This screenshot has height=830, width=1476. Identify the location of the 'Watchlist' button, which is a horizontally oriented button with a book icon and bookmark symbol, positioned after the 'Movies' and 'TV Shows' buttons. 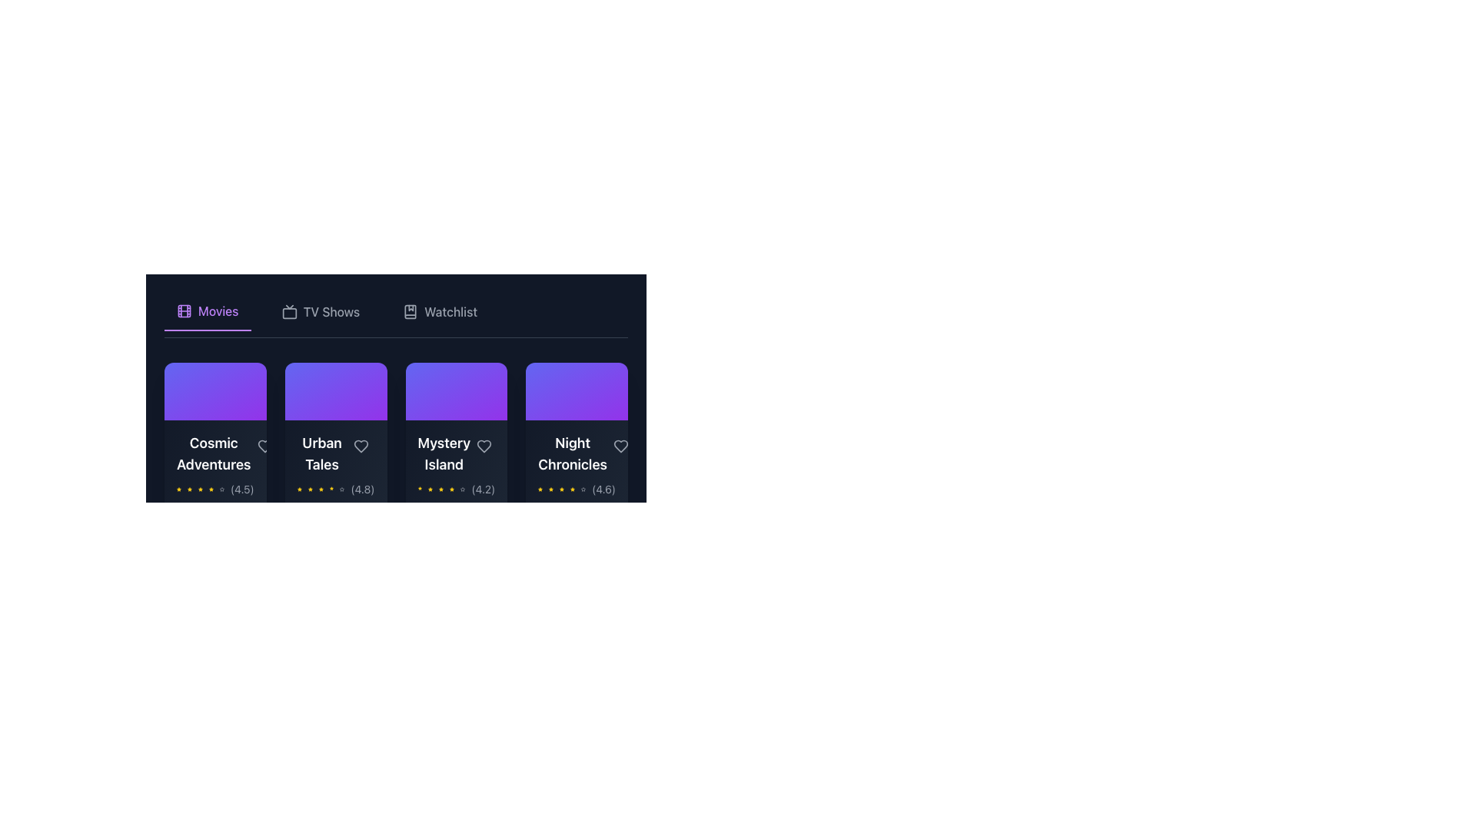
(439, 311).